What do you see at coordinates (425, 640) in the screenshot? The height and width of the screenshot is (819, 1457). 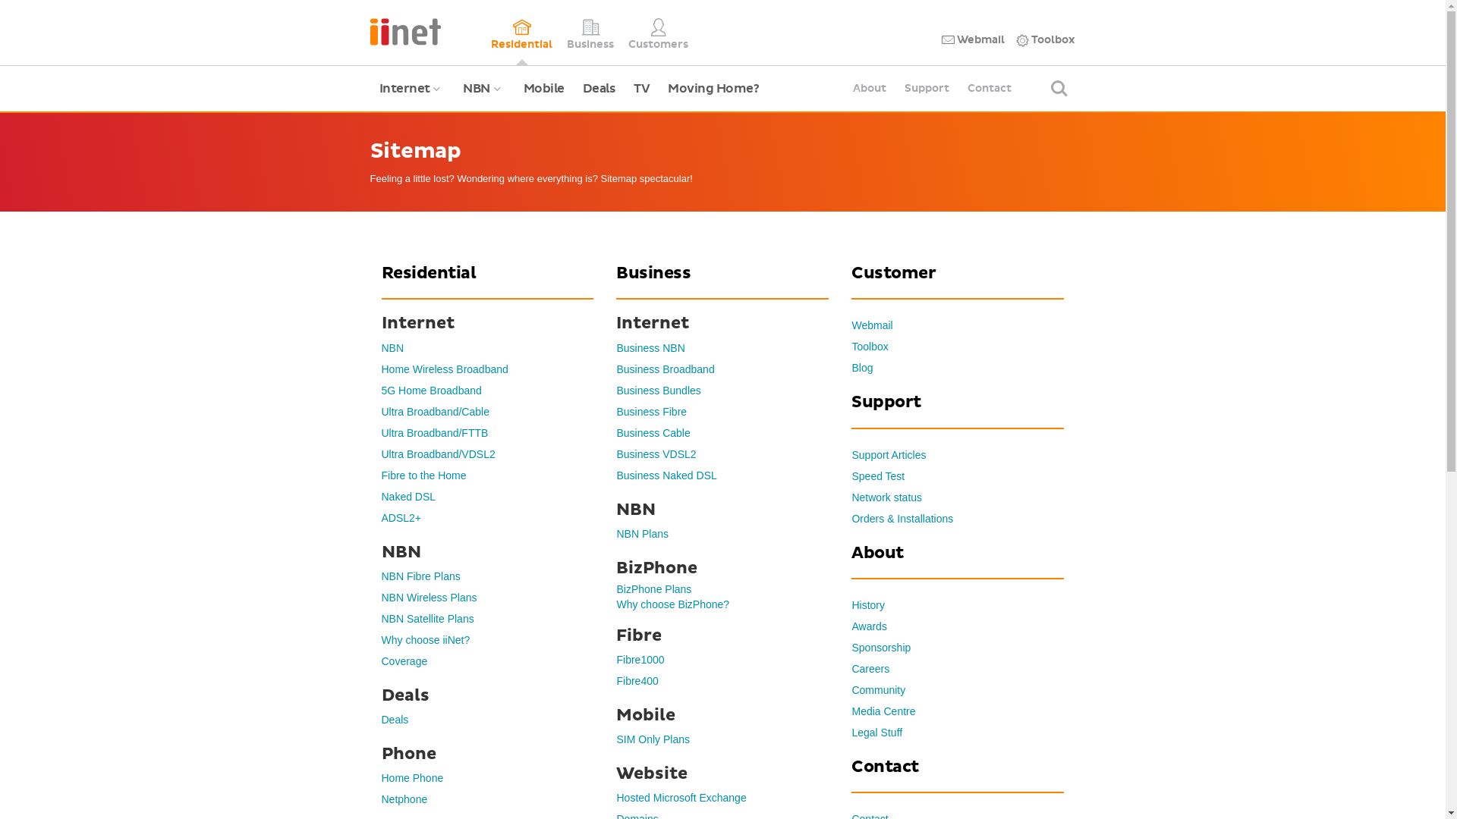 I see `'Why choose iiNet?'` at bounding box center [425, 640].